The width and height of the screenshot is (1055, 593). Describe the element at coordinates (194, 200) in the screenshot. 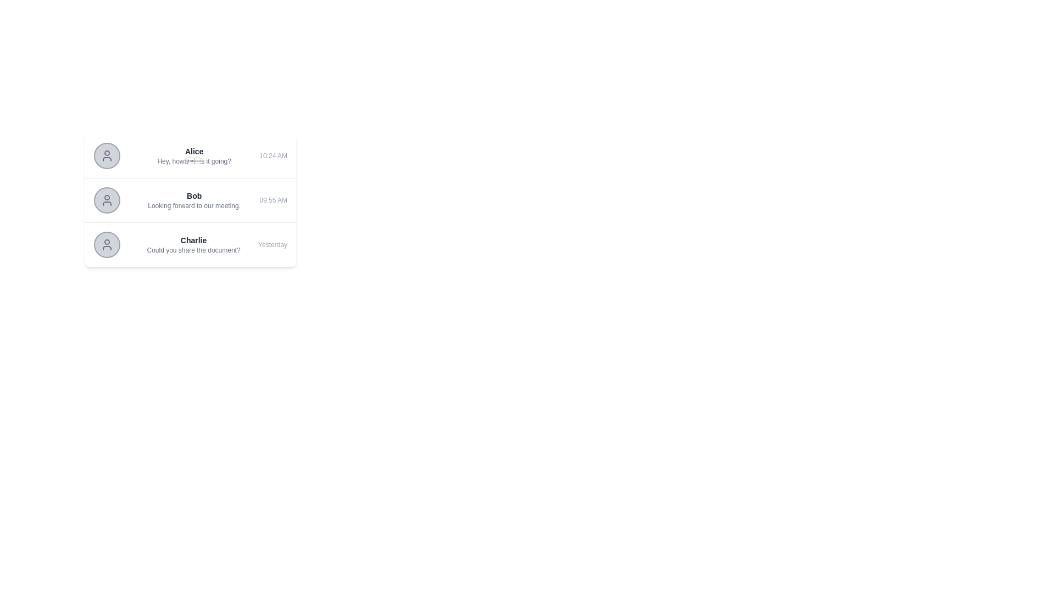

I see `the second list item summary below 'Alice' and above 'Charlie'` at that location.